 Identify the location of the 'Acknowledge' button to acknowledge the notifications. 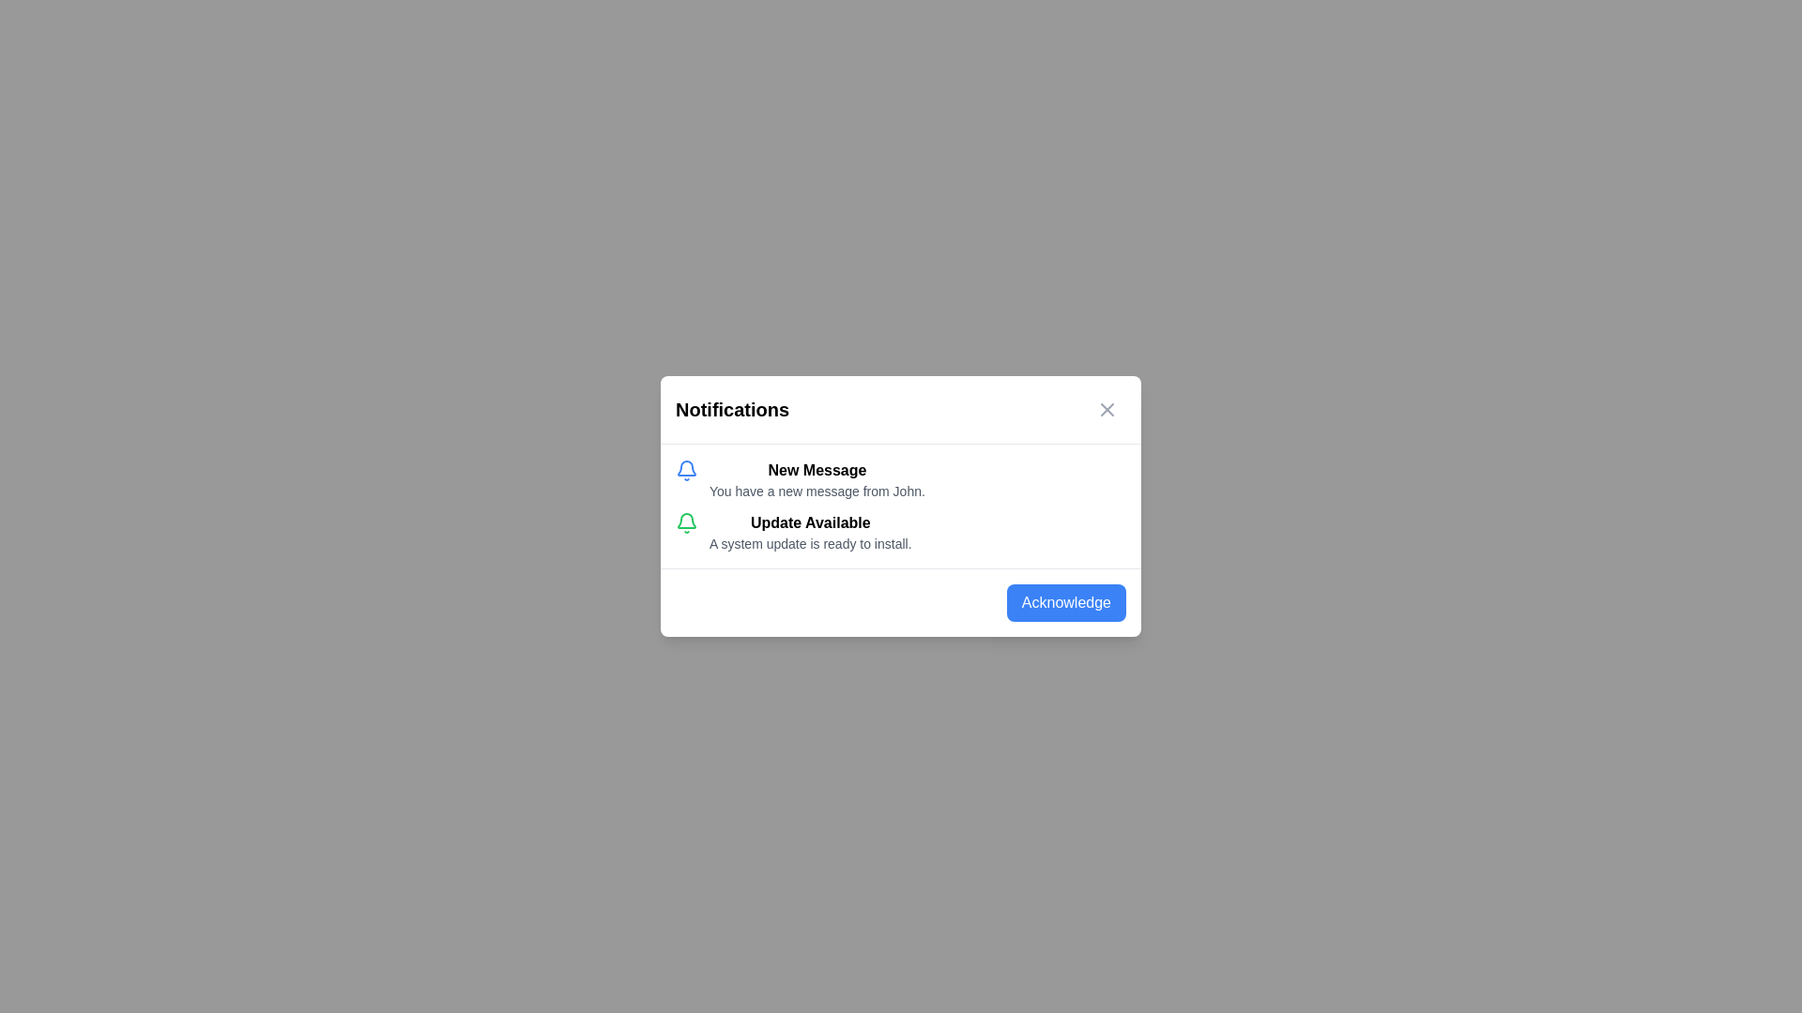
(1066, 603).